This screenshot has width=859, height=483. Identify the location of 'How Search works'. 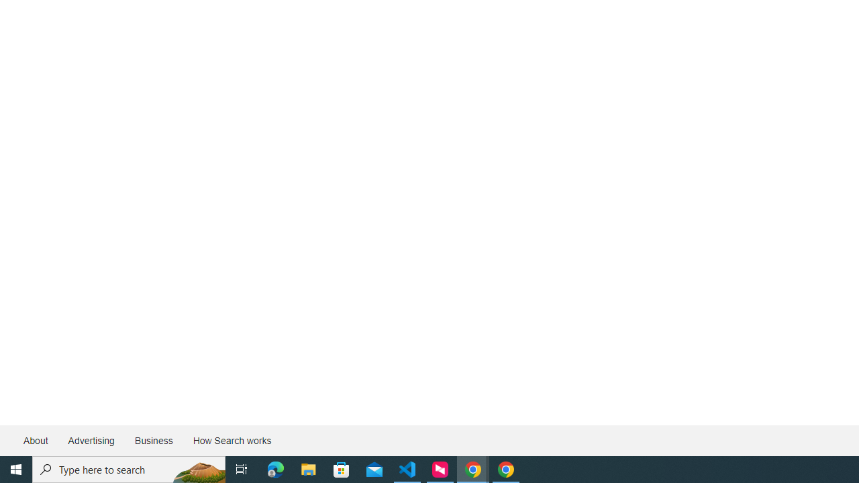
(232, 441).